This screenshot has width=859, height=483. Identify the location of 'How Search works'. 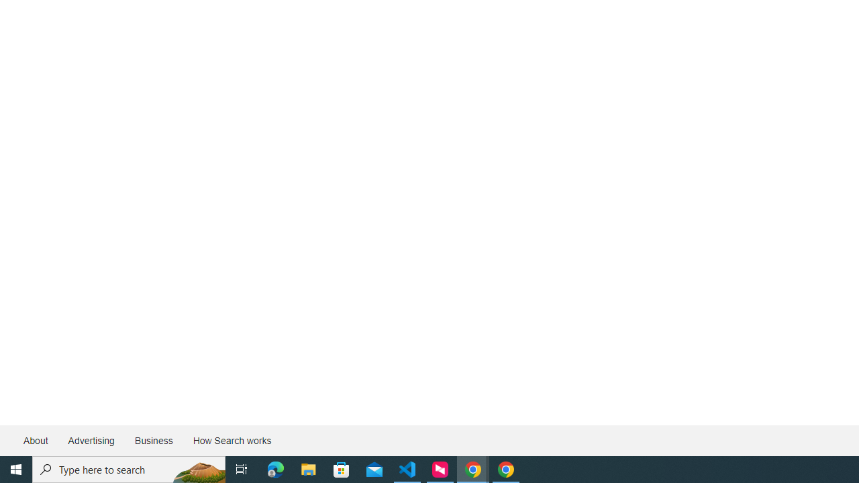
(232, 441).